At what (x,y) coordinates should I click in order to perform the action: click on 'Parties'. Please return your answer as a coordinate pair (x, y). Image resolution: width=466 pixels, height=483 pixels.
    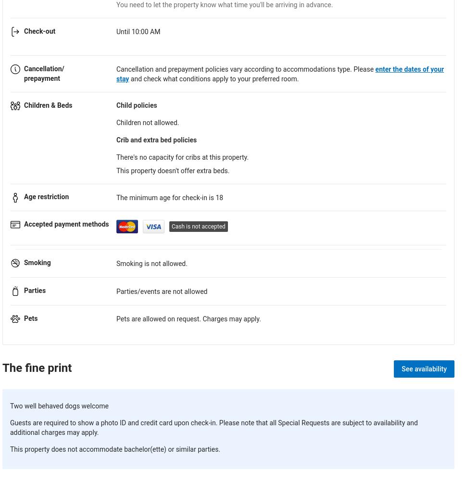
    Looking at the image, I should click on (34, 290).